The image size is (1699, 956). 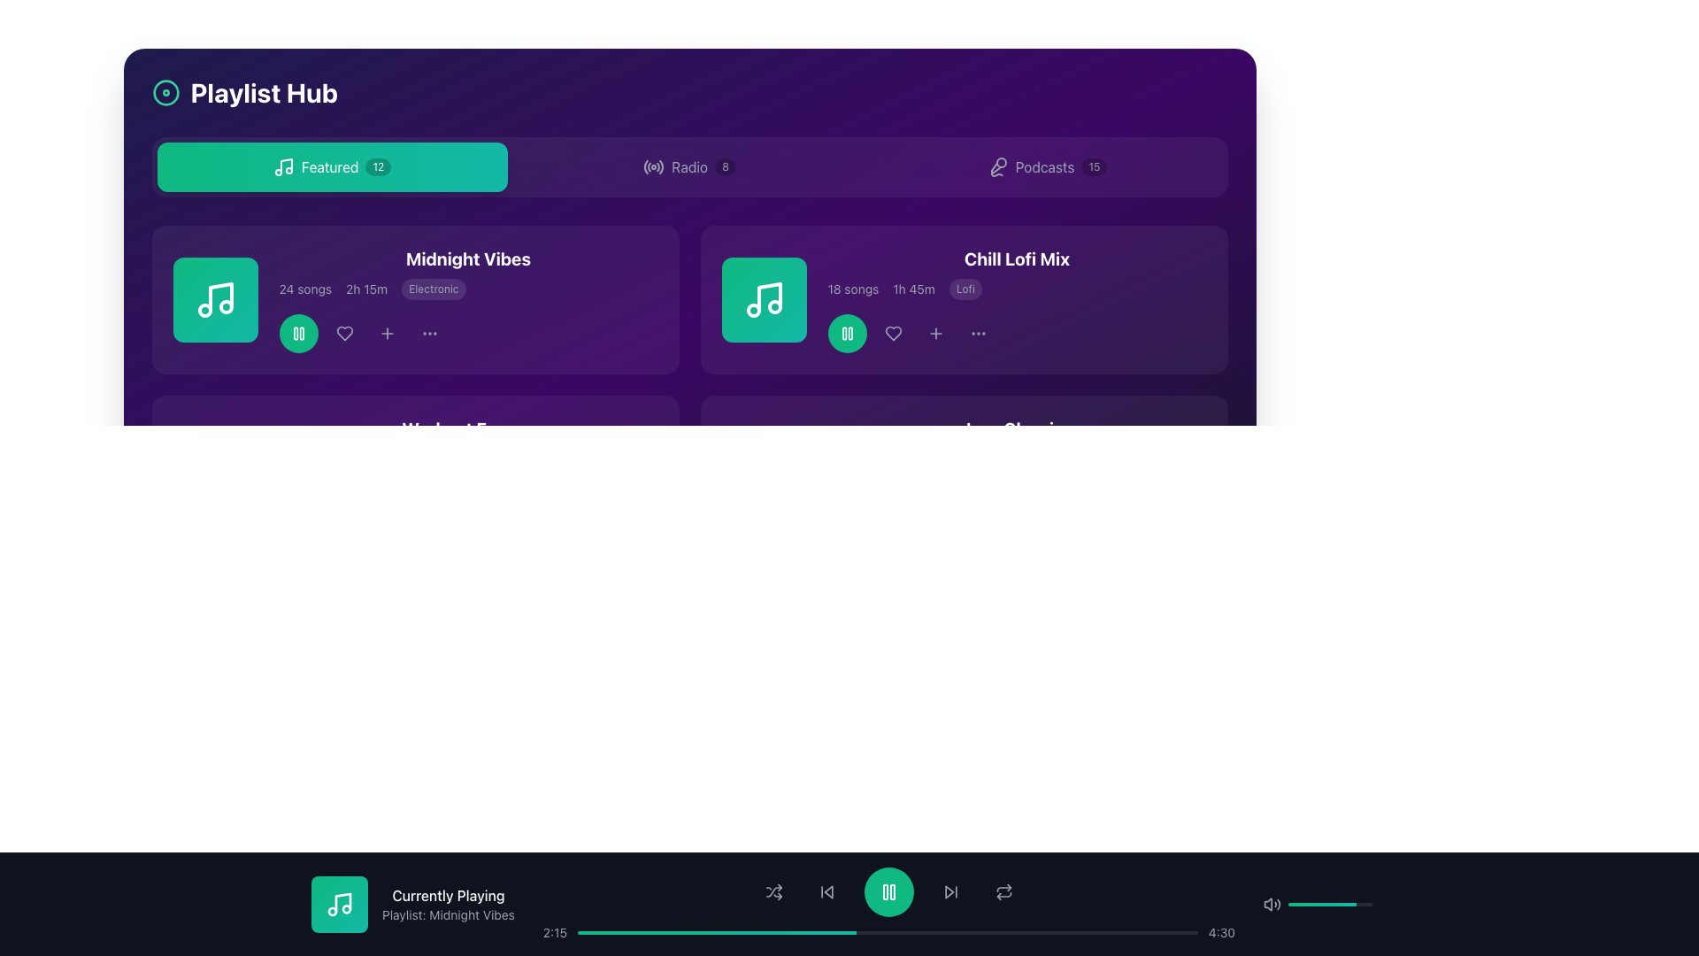 What do you see at coordinates (468, 259) in the screenshot?
I see `the title text label for the 'Midnight Vibes' playlist, which is located at the upper portion of the card displaying playlist information` at bounding box center [468, 259].